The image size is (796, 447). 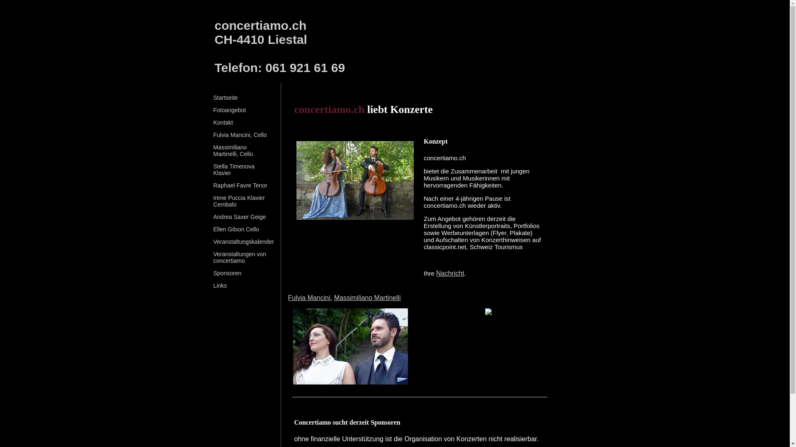 I want to click on 'Links', so click(x=220, y=288).